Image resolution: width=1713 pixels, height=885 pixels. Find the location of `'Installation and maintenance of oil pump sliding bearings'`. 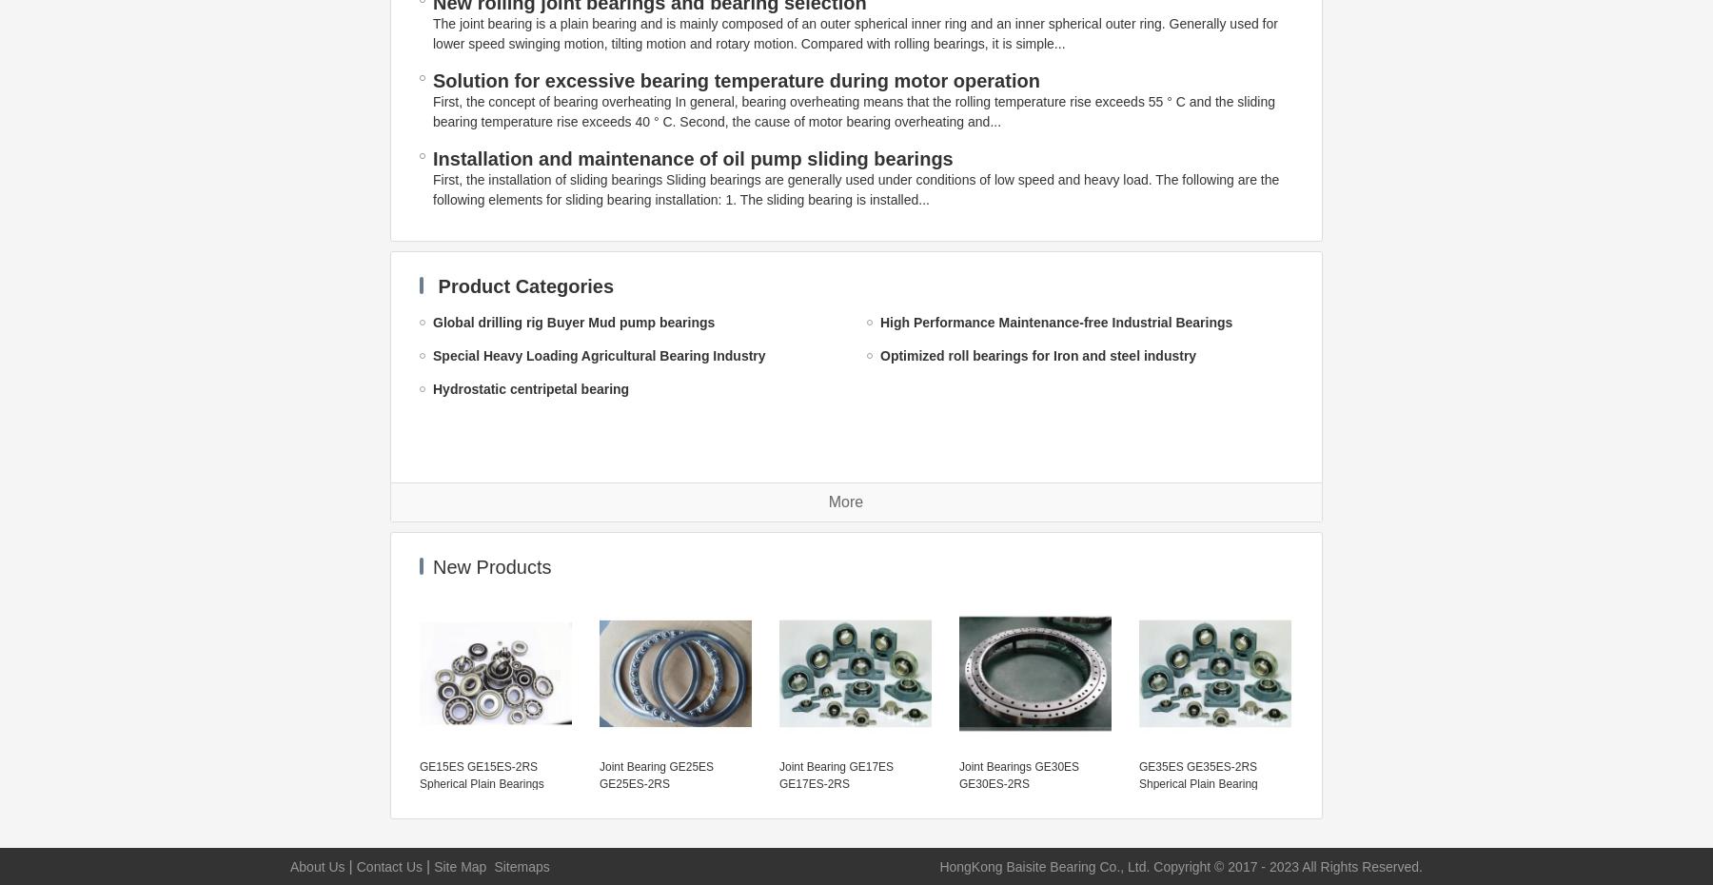

'Installation and maintenance of oil pump sliding bearings' is located at coordinates (691, 158).